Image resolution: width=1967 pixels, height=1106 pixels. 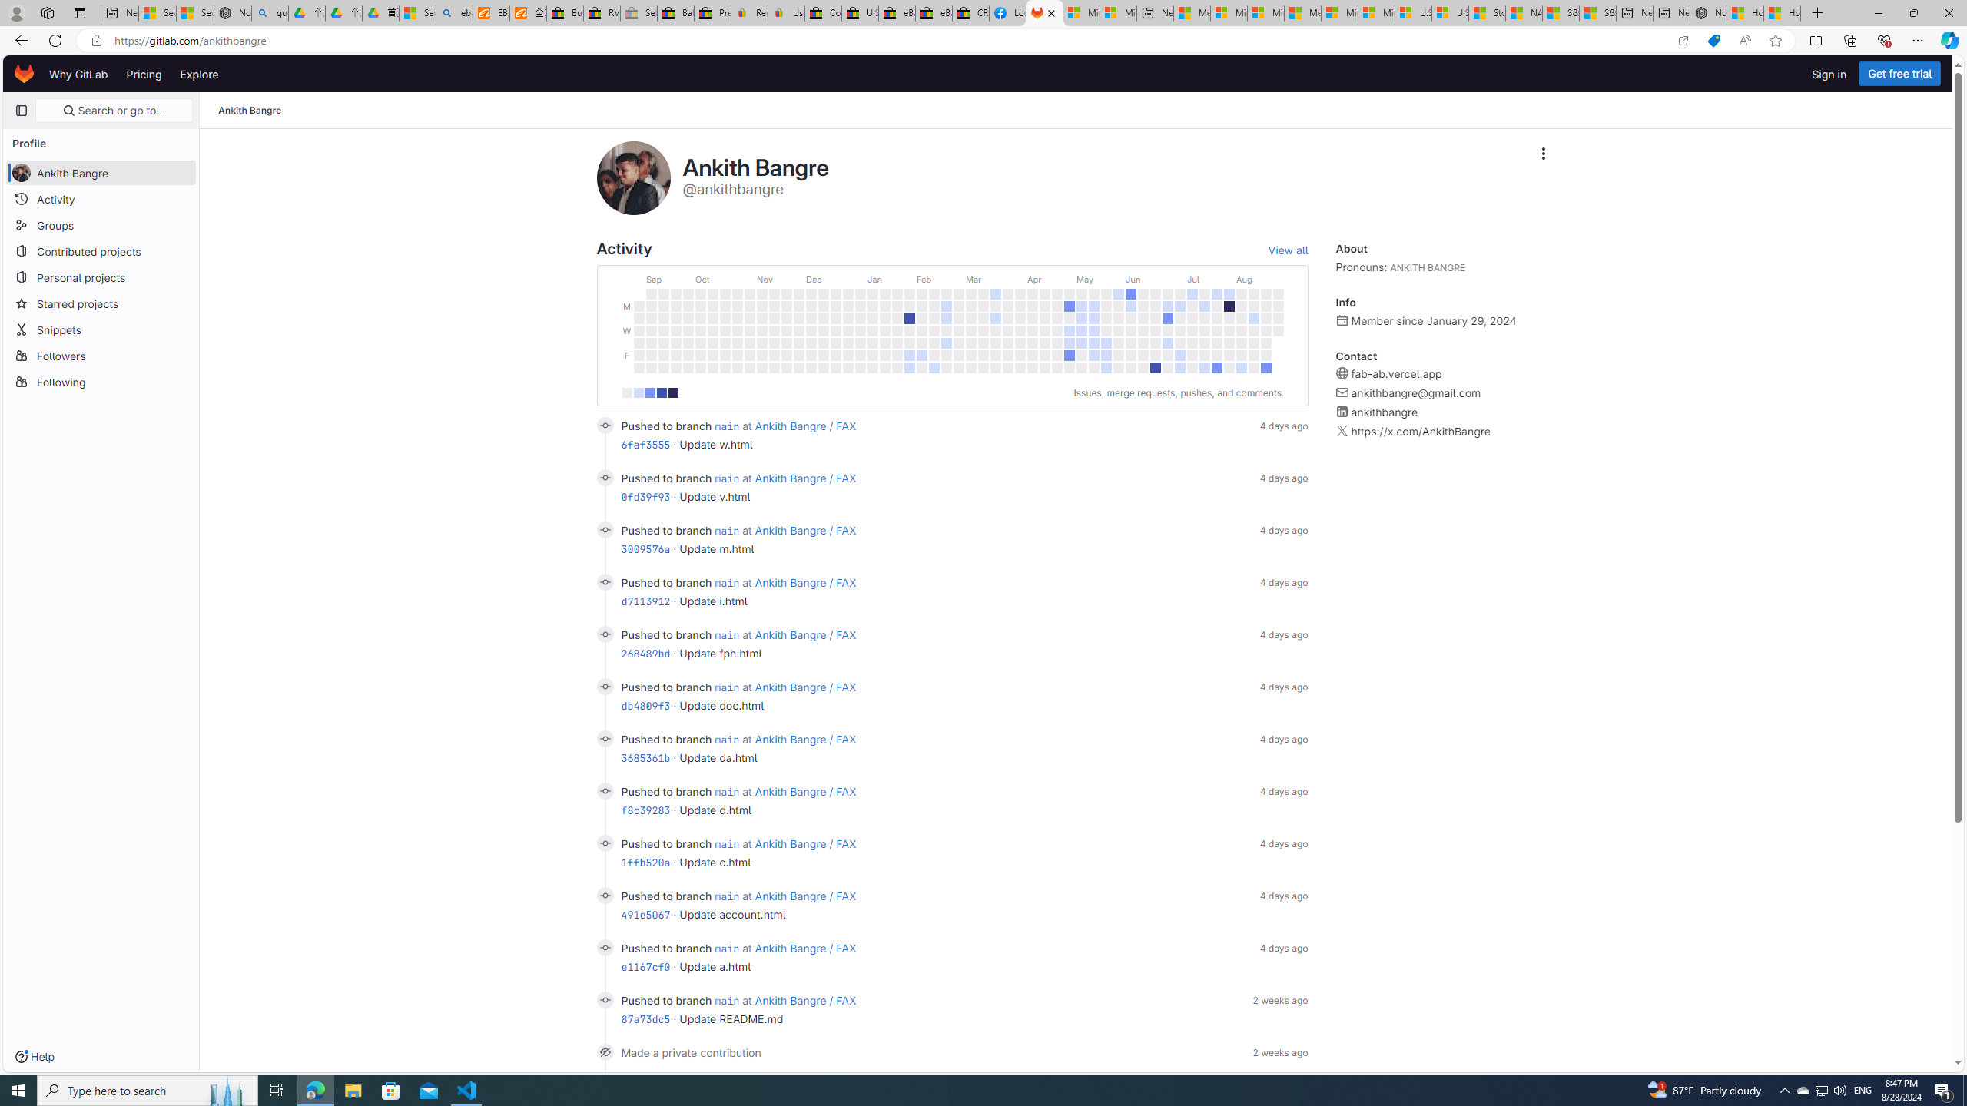 What do you see at coordinates (713, 12) in the screenshot?
I see `'Press Room - eBay Inc.'` at bounding box center [713, 12].